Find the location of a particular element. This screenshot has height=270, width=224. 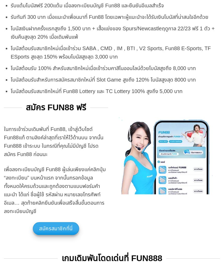

'สมัคร Fun88 ฟรี' is located at coordinates (56, 107).